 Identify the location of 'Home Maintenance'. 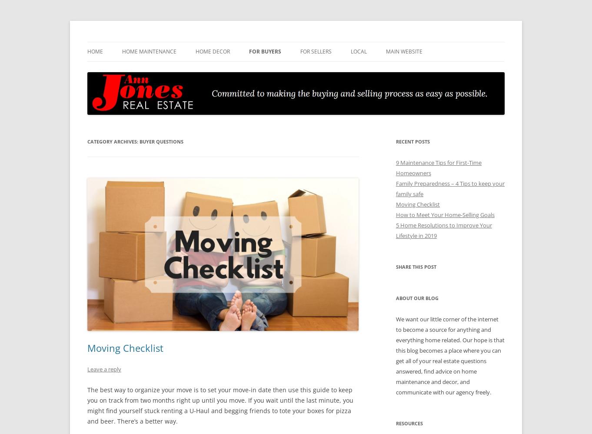
(149, 51).